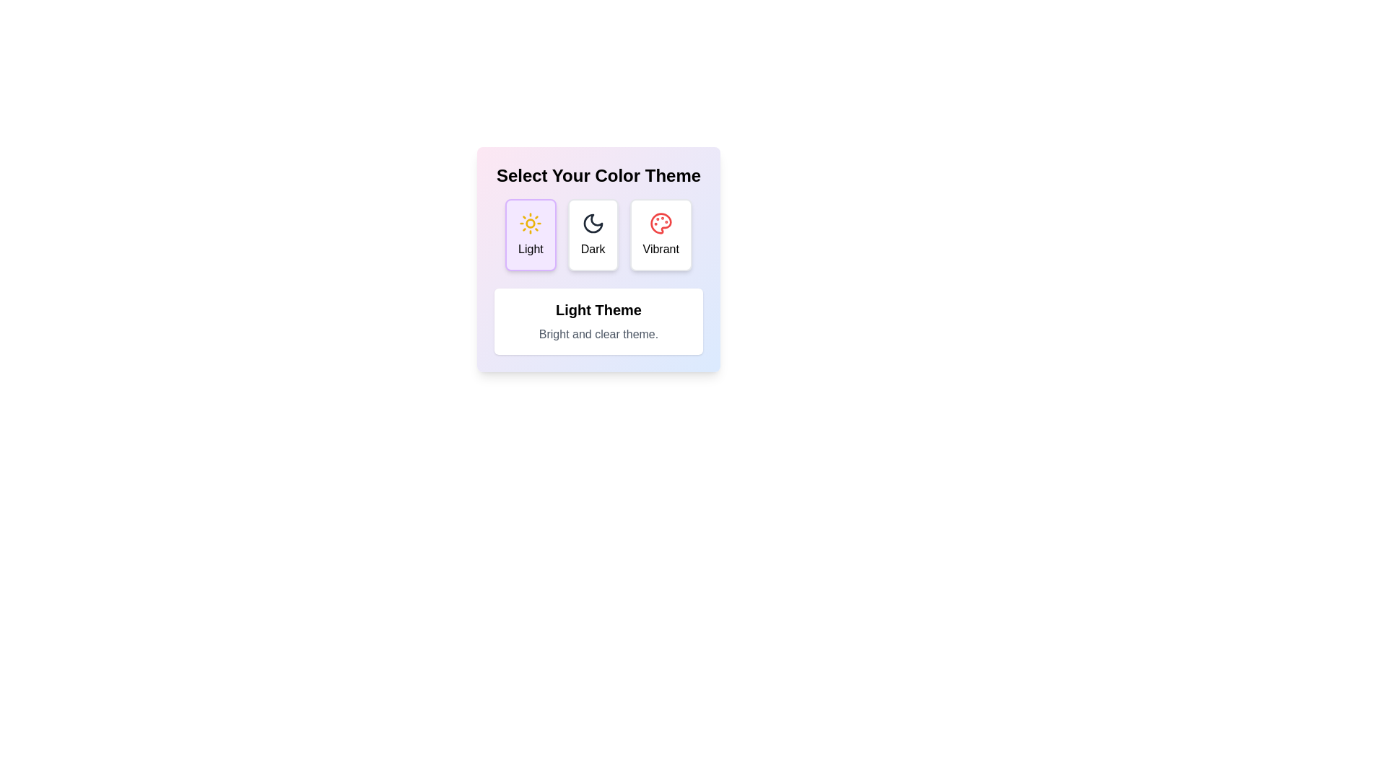 The width and height of the screenshot is (1386, 779). What do you see at coordinates (598, 309) in the screenshot?
I see `the header Text Label that serves as the title for the theme description, positioned above the descriptive text in the theme selection interface` at bounding box center [598, 309].